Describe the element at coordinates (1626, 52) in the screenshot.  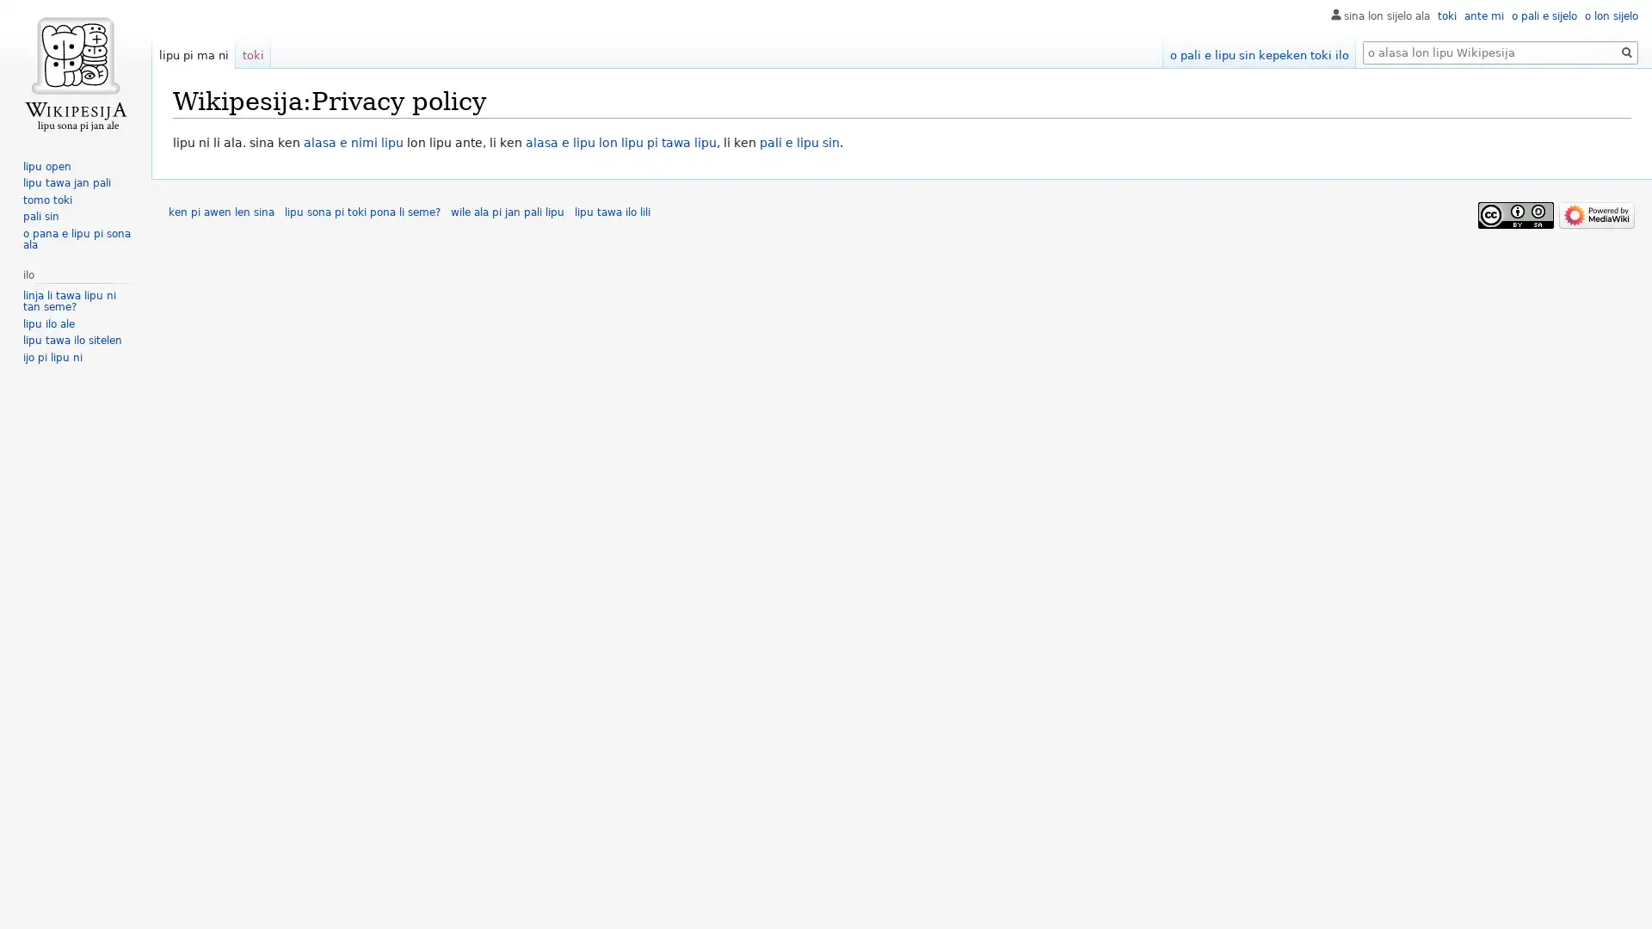
I see `o tawa` at that location.